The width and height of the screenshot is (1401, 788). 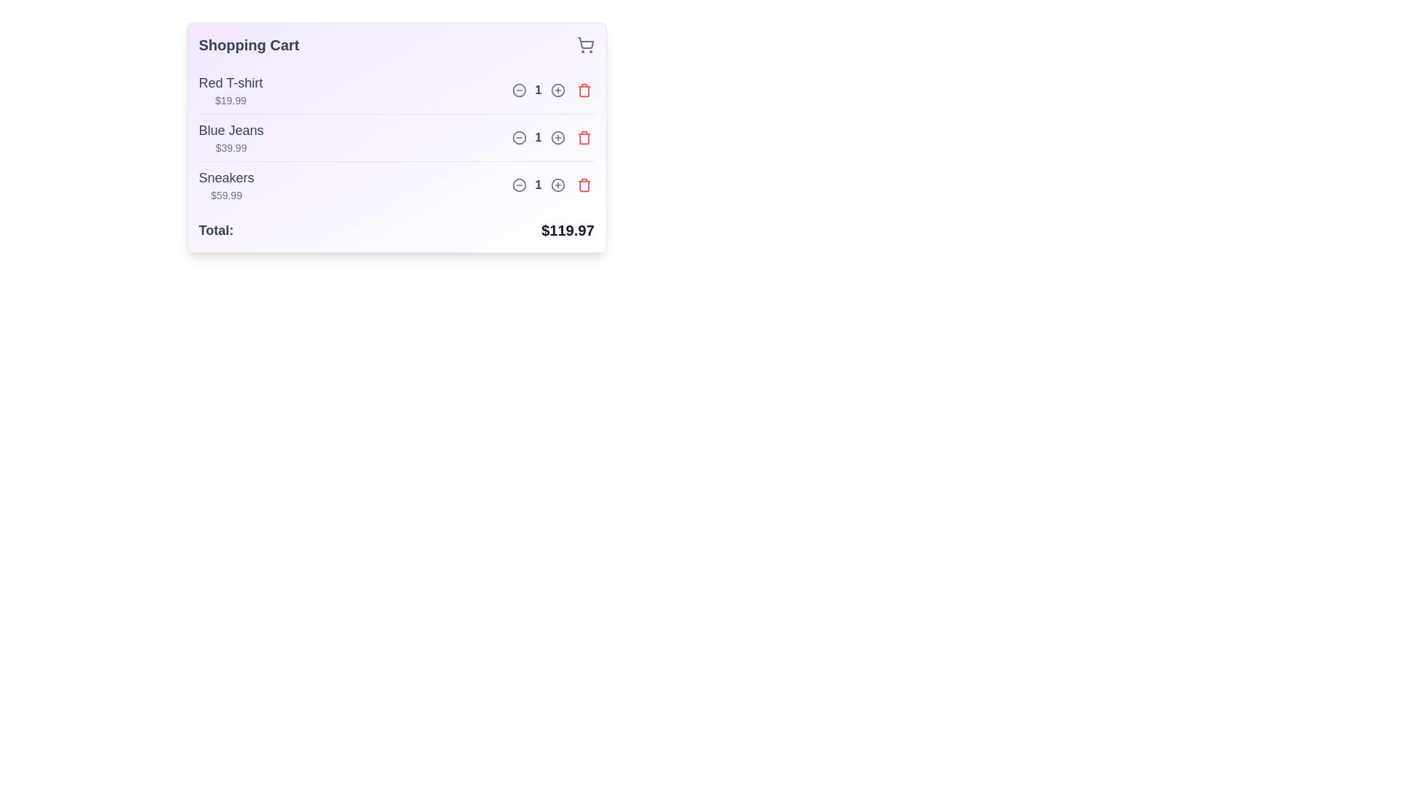 What do you see at coordinates (584, 185) in the screenshot?
I see `the icon button in the bottom-right corner of the shopping cart list` at bounding box center [584, 185].